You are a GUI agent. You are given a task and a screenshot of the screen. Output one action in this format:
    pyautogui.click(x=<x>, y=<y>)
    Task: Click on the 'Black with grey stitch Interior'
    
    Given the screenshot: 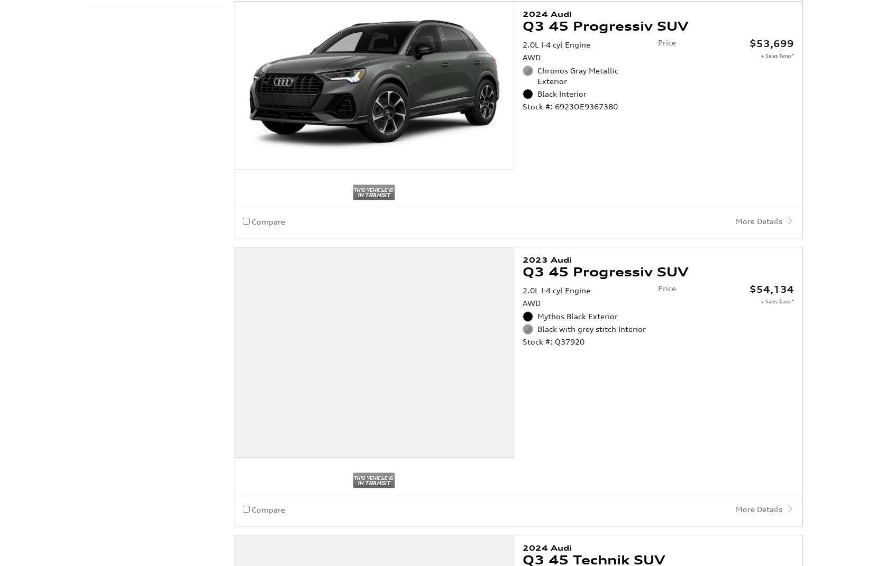 What is the action you would take?
    pyautogui.click(x=591, y=328)
    